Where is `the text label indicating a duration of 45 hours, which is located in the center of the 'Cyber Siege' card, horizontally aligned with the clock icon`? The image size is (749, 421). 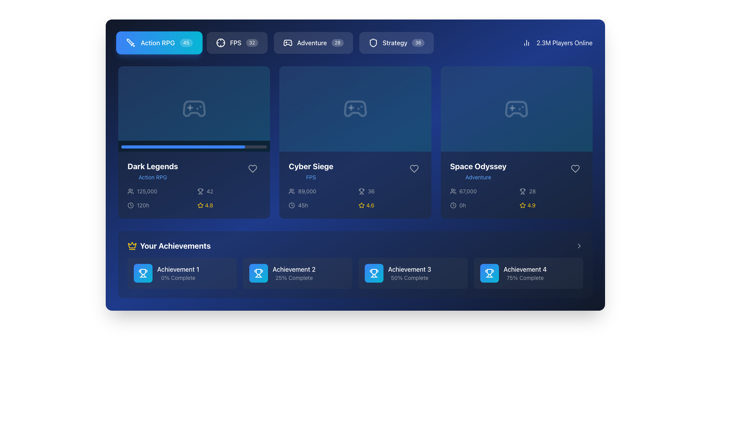 the text label indicating a duration of 45 hours, which is located in the center of the 'Cyber Siege' card, horizontally aligned with the clock icon is located at coordinates (303, 205).